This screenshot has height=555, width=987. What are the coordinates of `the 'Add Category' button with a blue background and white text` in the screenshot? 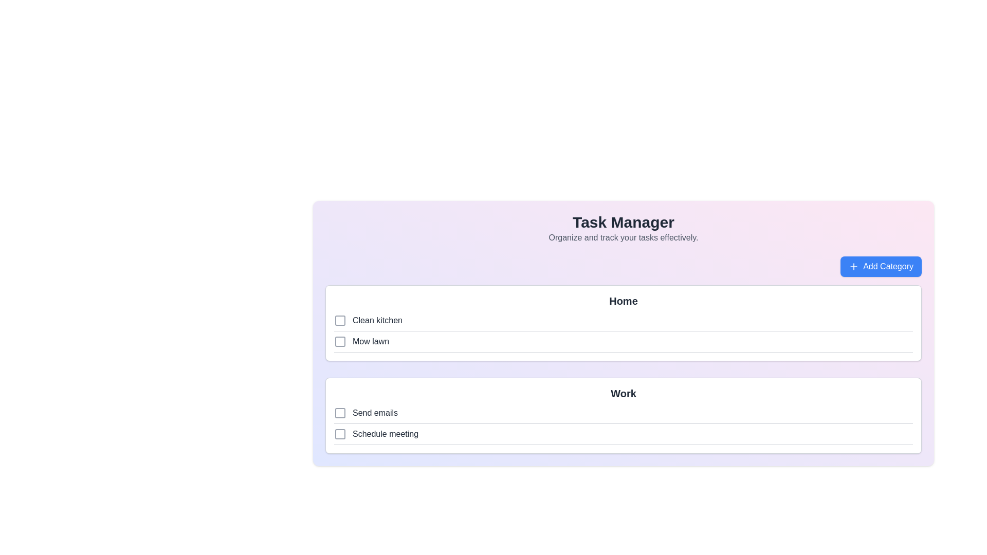 It's located at (880, 266).